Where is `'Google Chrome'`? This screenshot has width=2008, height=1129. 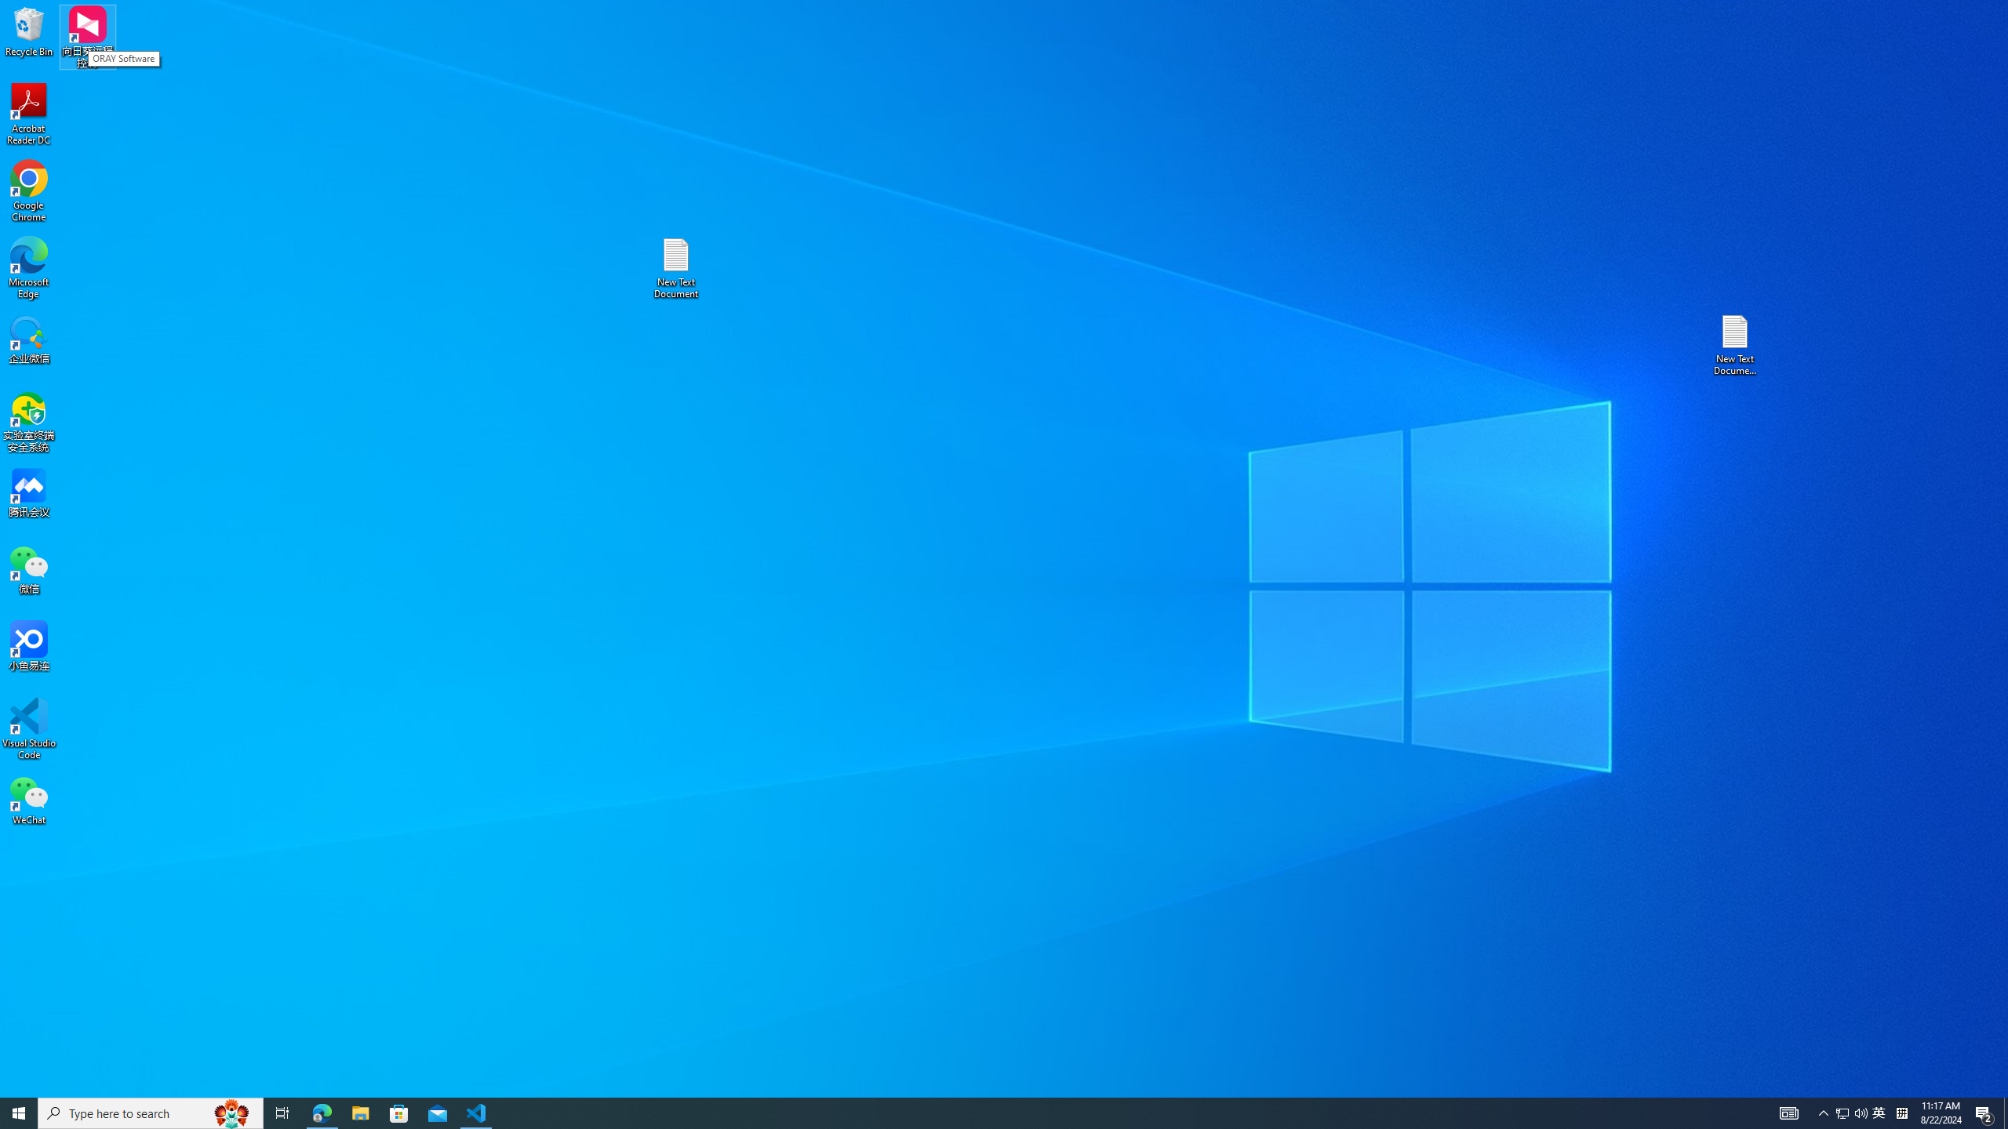
'Google Chrome' is located at coordinates (28, 191).